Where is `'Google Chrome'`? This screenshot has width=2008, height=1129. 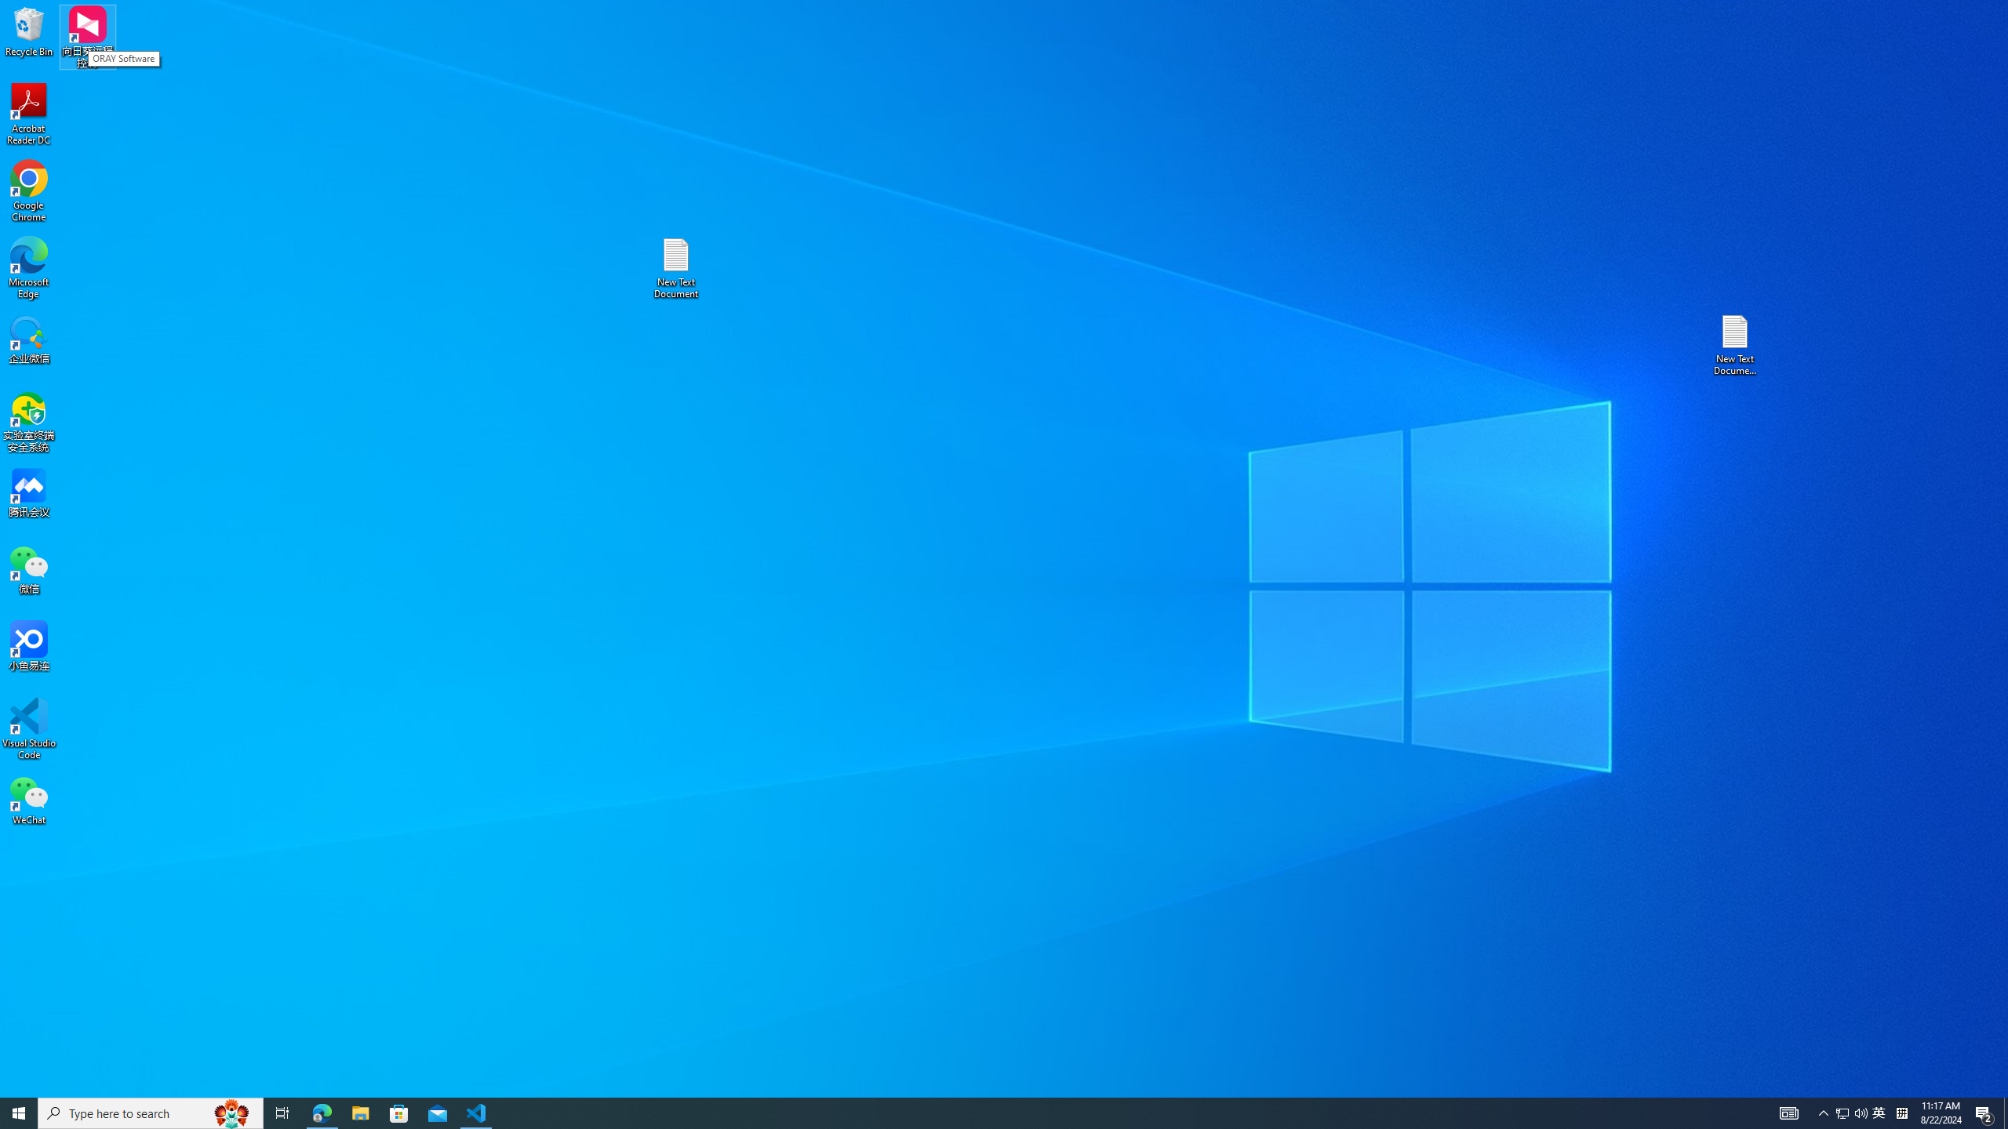
'Google Chrome' is located at coordinates (28, 191).